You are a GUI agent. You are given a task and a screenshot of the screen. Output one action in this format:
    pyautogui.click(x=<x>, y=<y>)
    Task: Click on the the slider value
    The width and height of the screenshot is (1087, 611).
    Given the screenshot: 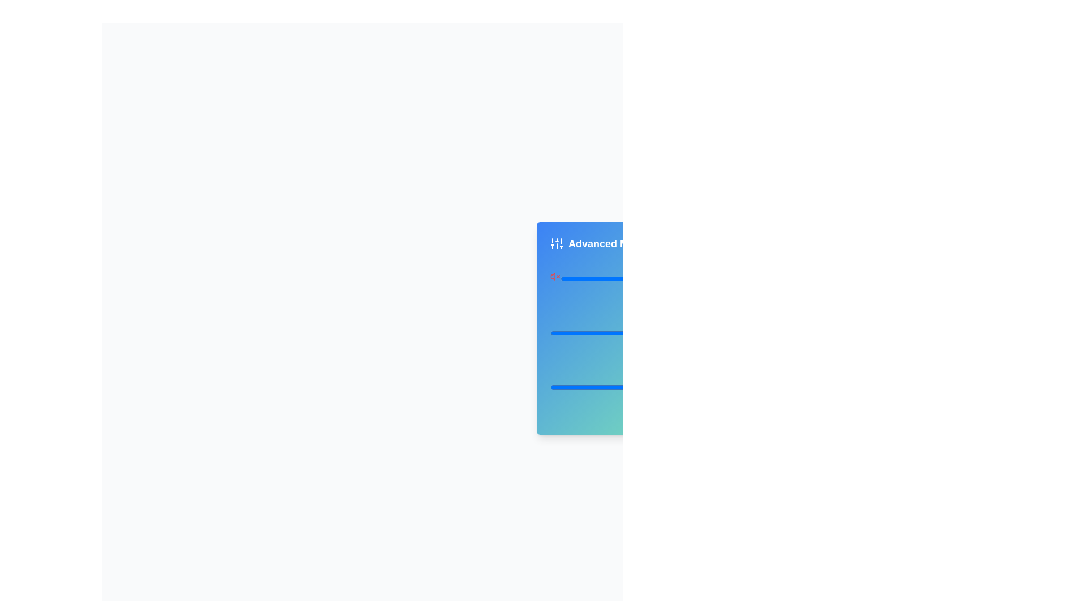 What is the action you would take?
    pyautogui.click(x=729, y=274)
    